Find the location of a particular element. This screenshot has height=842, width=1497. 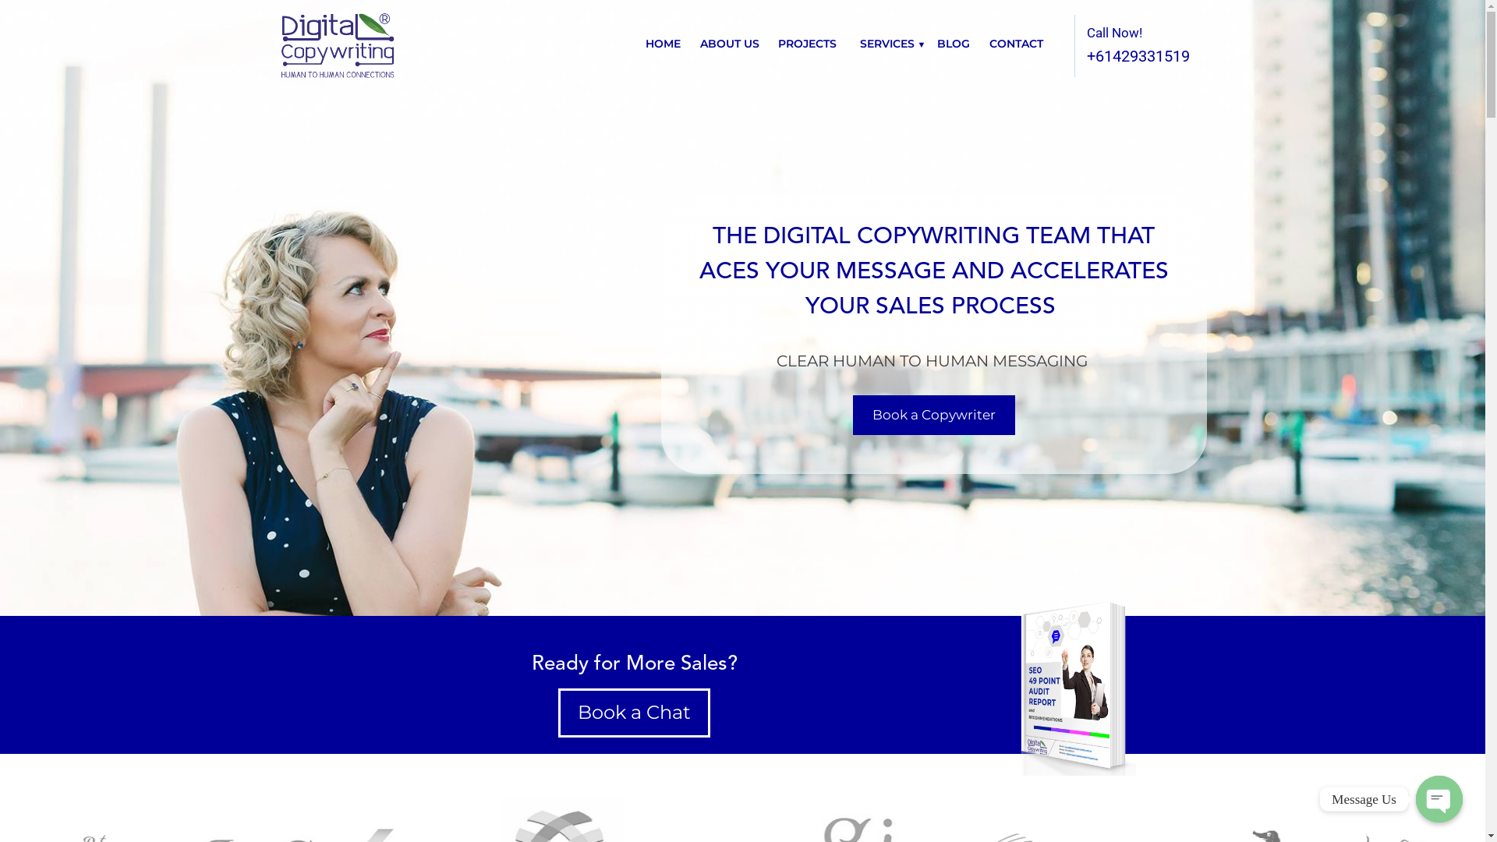

'HOME' is located at coordinates (663, 43).